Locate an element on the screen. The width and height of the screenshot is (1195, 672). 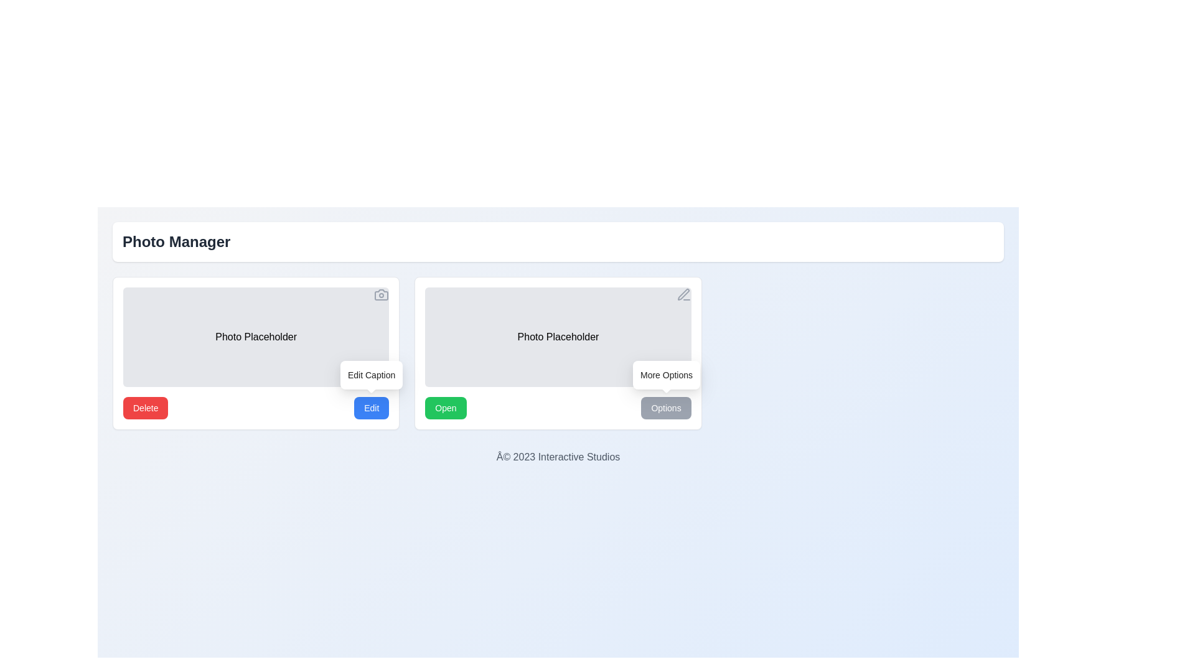
the pen icon, which is a minimalistic vector graphic located at the top-right corner of the second box above the 'Photo Placeholder.' is located at coordinates (683, 294).